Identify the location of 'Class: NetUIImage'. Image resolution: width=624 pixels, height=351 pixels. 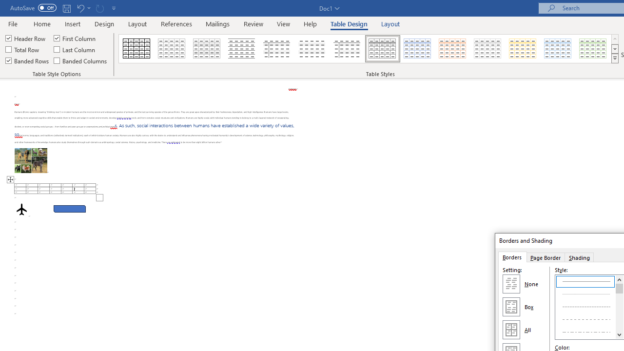
(615, 58).